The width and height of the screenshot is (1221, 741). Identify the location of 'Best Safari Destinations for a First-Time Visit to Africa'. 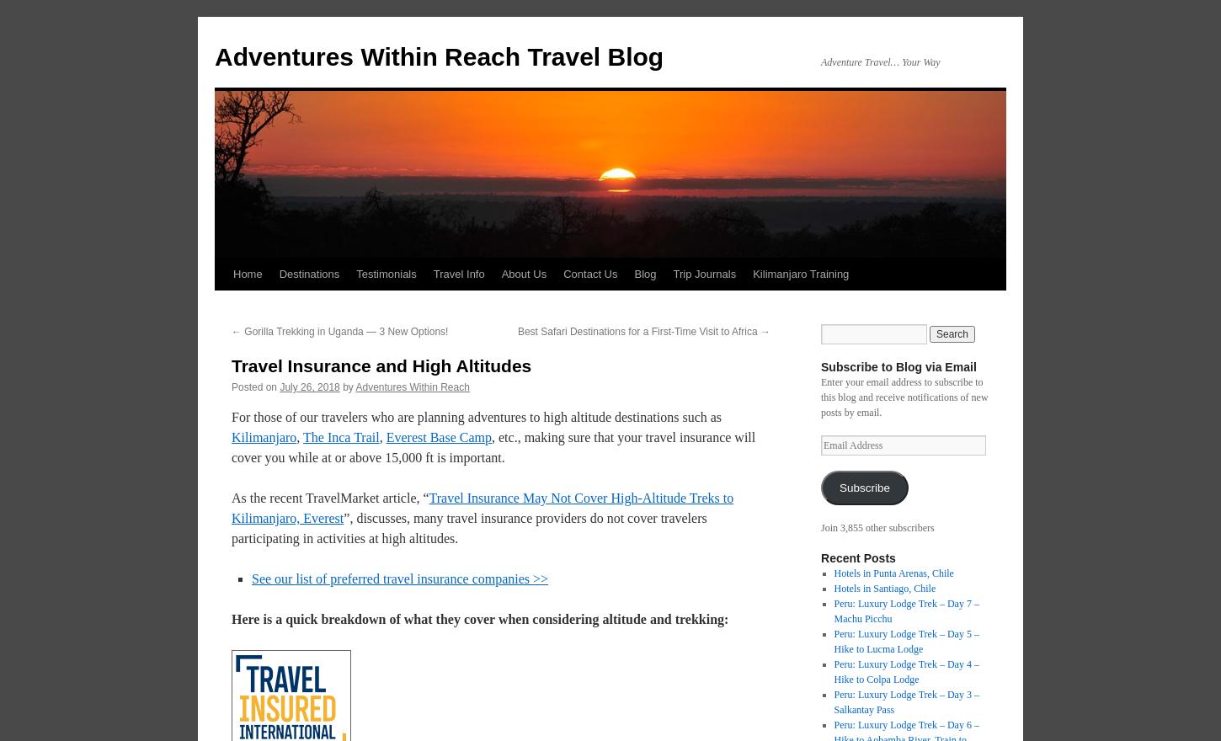
(638, 330).